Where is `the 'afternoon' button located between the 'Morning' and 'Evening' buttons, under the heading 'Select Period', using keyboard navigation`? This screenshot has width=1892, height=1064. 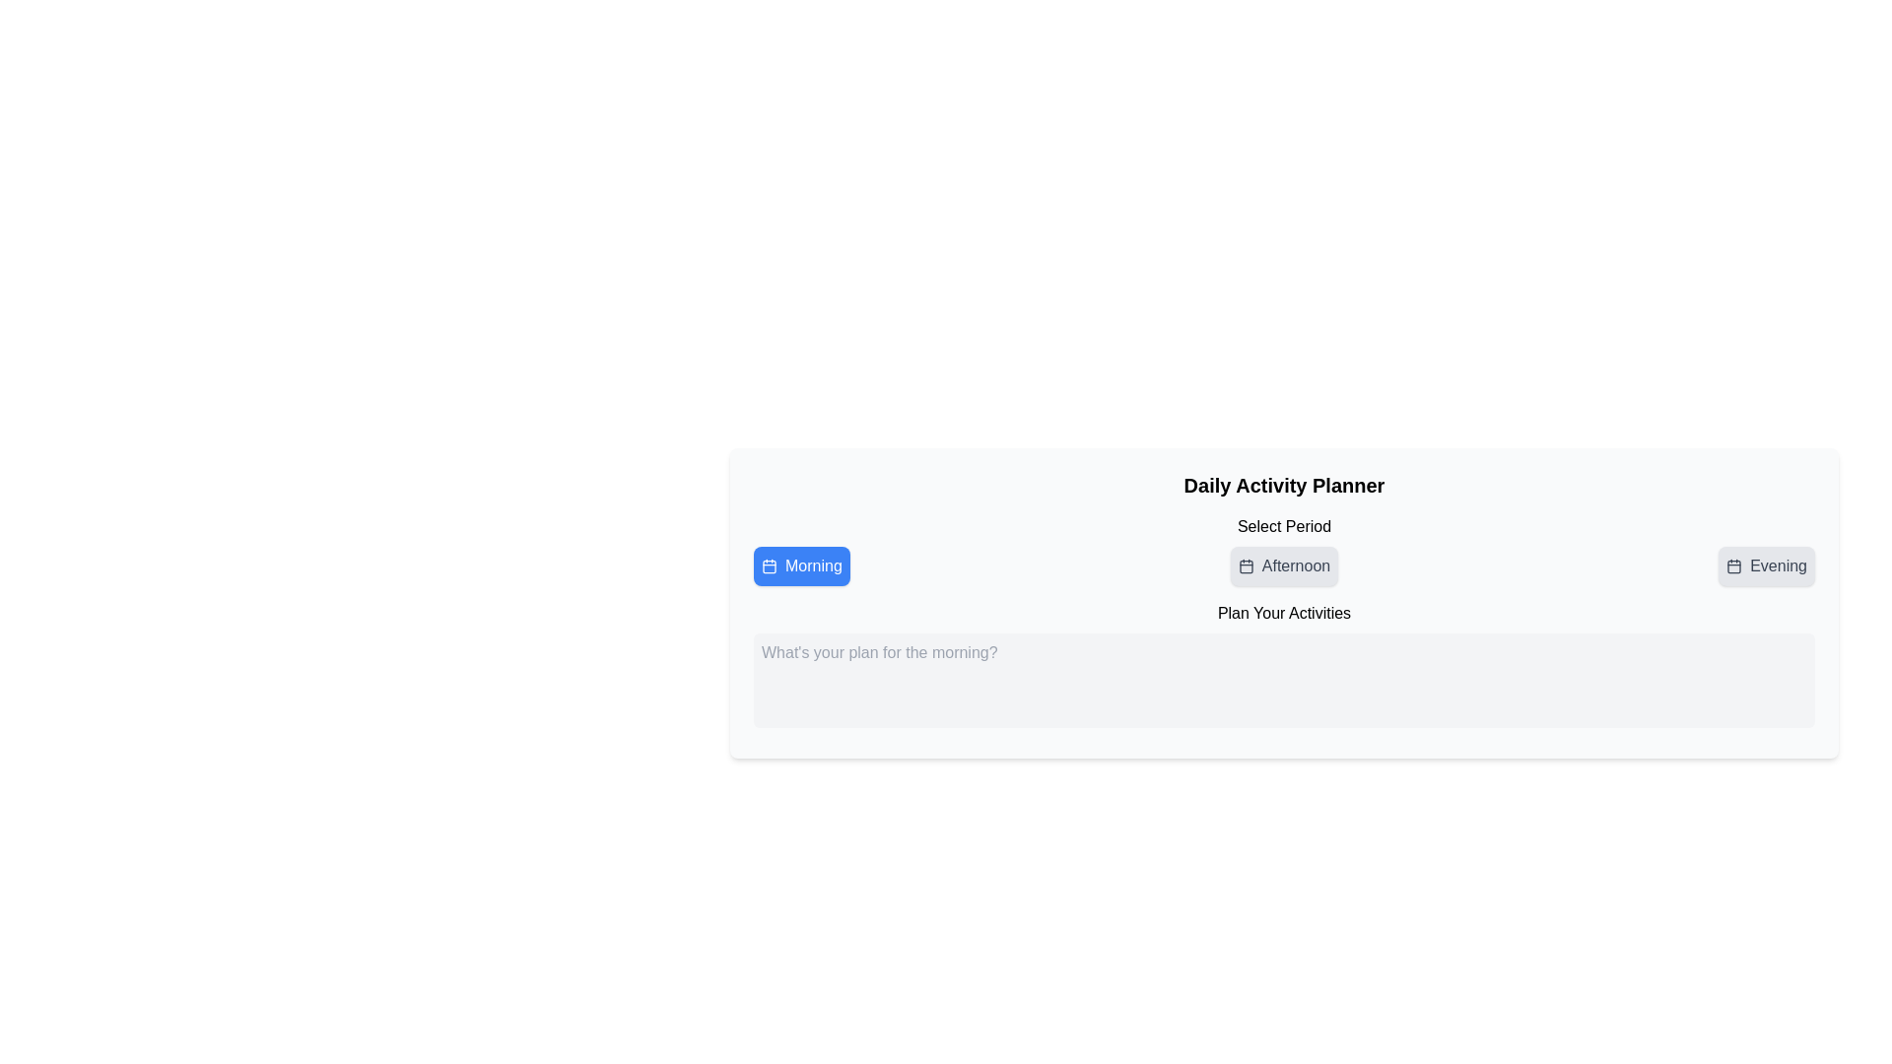
the 'afternoon' button located between the 'Morning' and 'Evening' buttons, under the heading 'Select Period', using keyboard navigation is located at coordinates (1284, 565).